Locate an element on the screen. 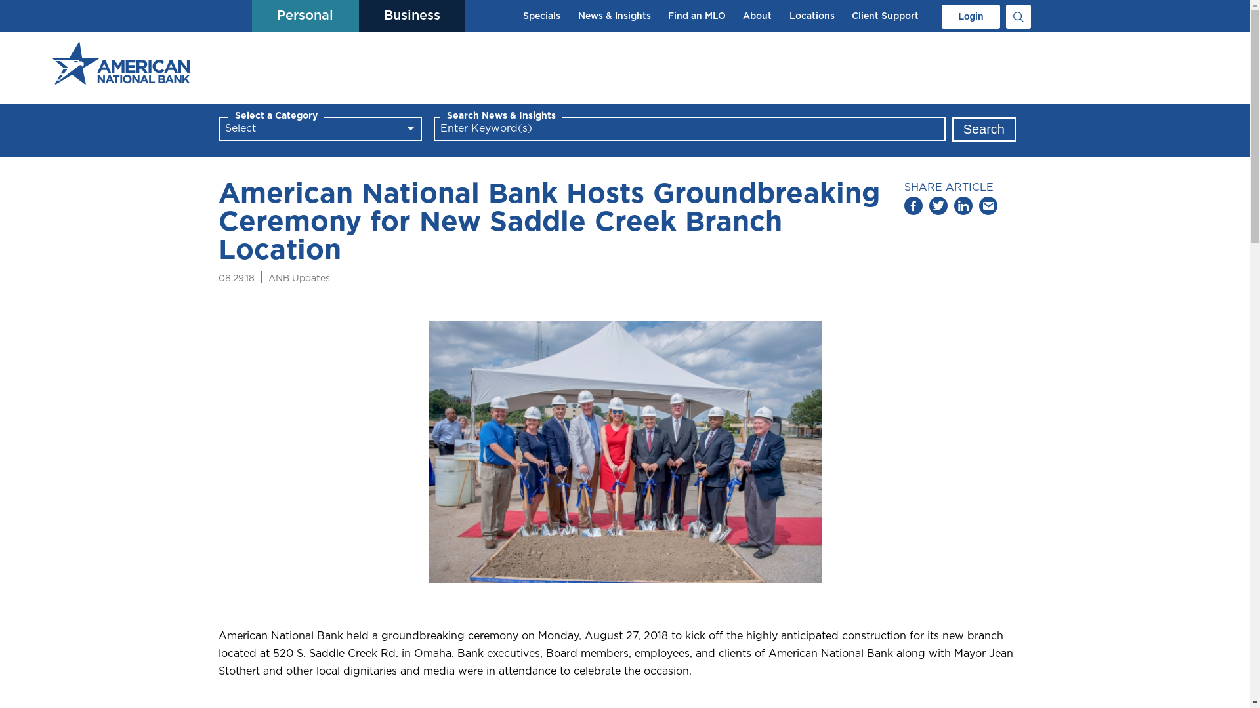  'Share on Linked In' is located at coordinates (954, 208).